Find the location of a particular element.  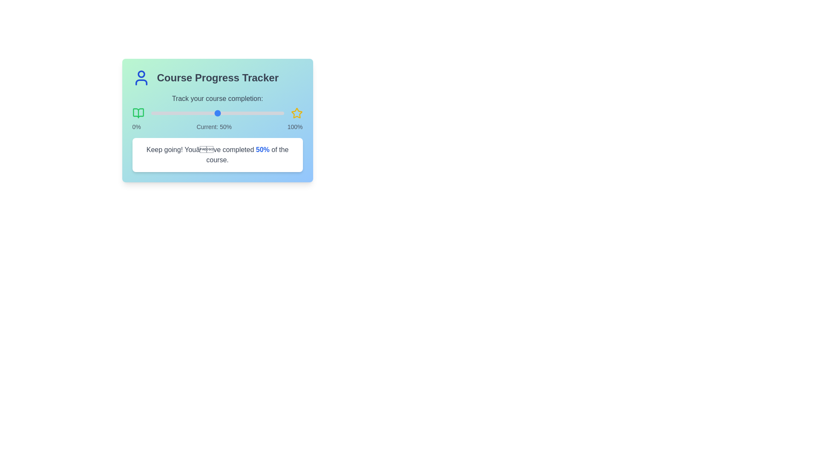

the progress slider to 25% completion is located at coordinates (184, 113).